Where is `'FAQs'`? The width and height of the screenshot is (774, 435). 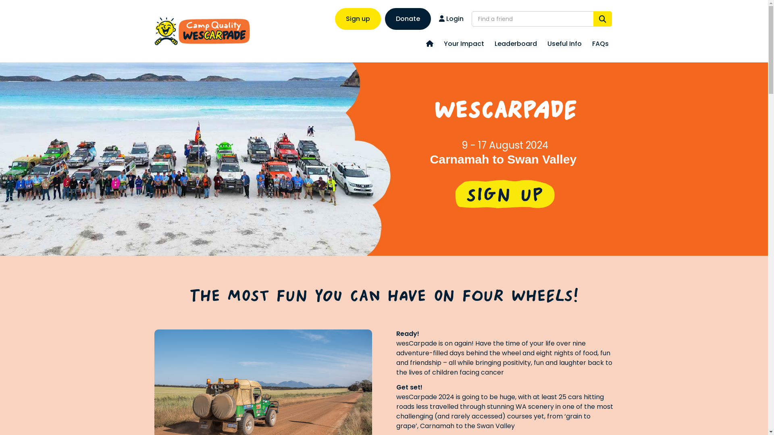
'FAQs' is located at coordinates (600, 44).